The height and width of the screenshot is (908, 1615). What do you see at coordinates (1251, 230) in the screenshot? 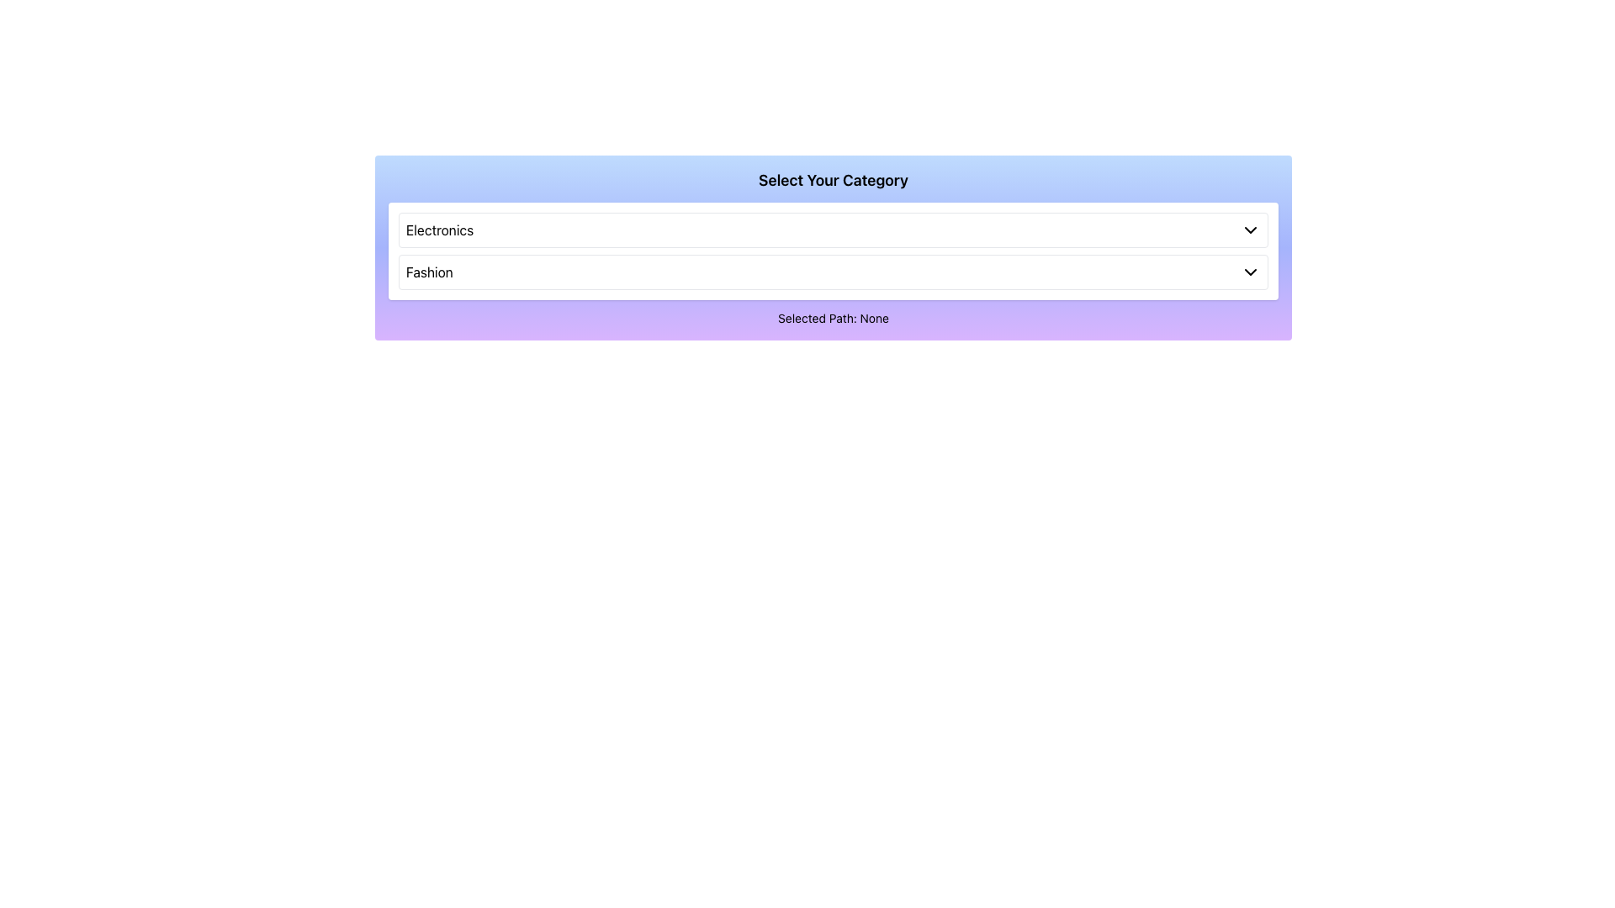
I see `the downward-facing chevron icon located on the rightmost part of the 'Electronics' dropdown button` at bounding box center [1251, 230].